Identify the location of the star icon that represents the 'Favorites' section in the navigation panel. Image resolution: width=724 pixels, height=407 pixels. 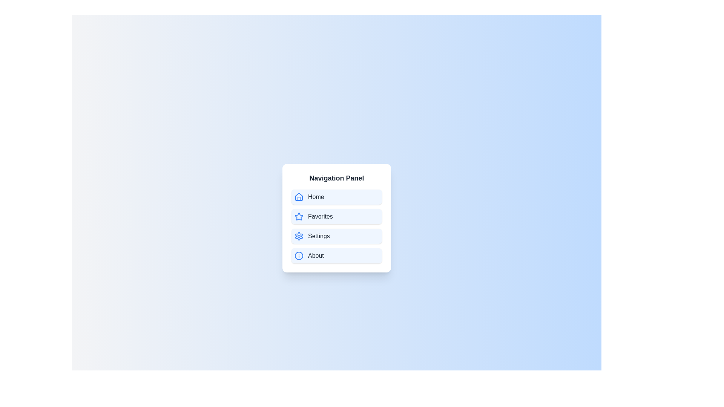
(298, 216).